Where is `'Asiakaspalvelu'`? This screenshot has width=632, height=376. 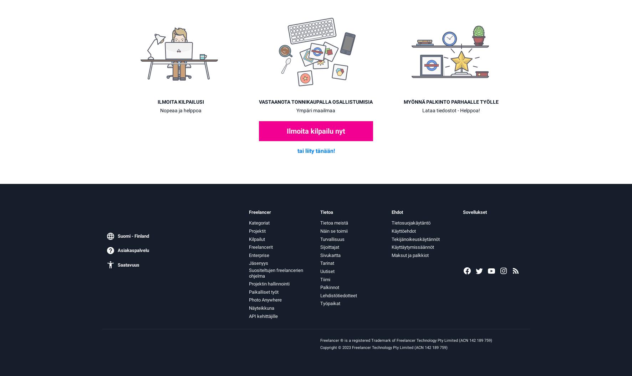 'Asiakaspalvelu' is located at coordinates (133, 250).